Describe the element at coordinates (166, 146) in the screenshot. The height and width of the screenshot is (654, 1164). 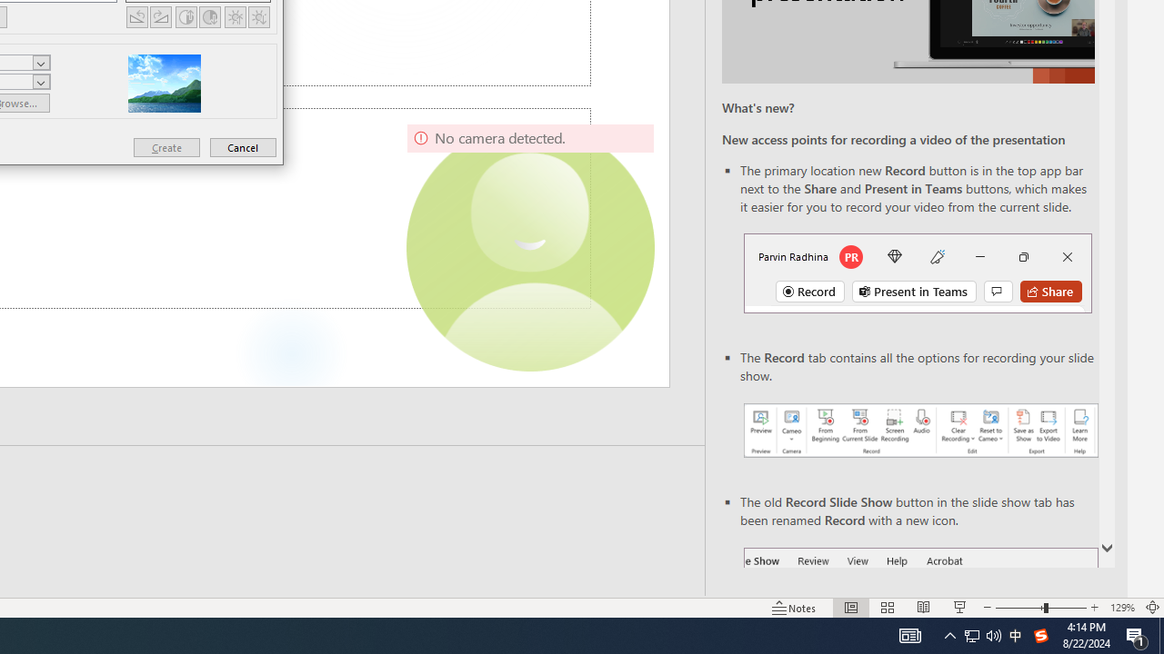
I see `'Create'` at that location.